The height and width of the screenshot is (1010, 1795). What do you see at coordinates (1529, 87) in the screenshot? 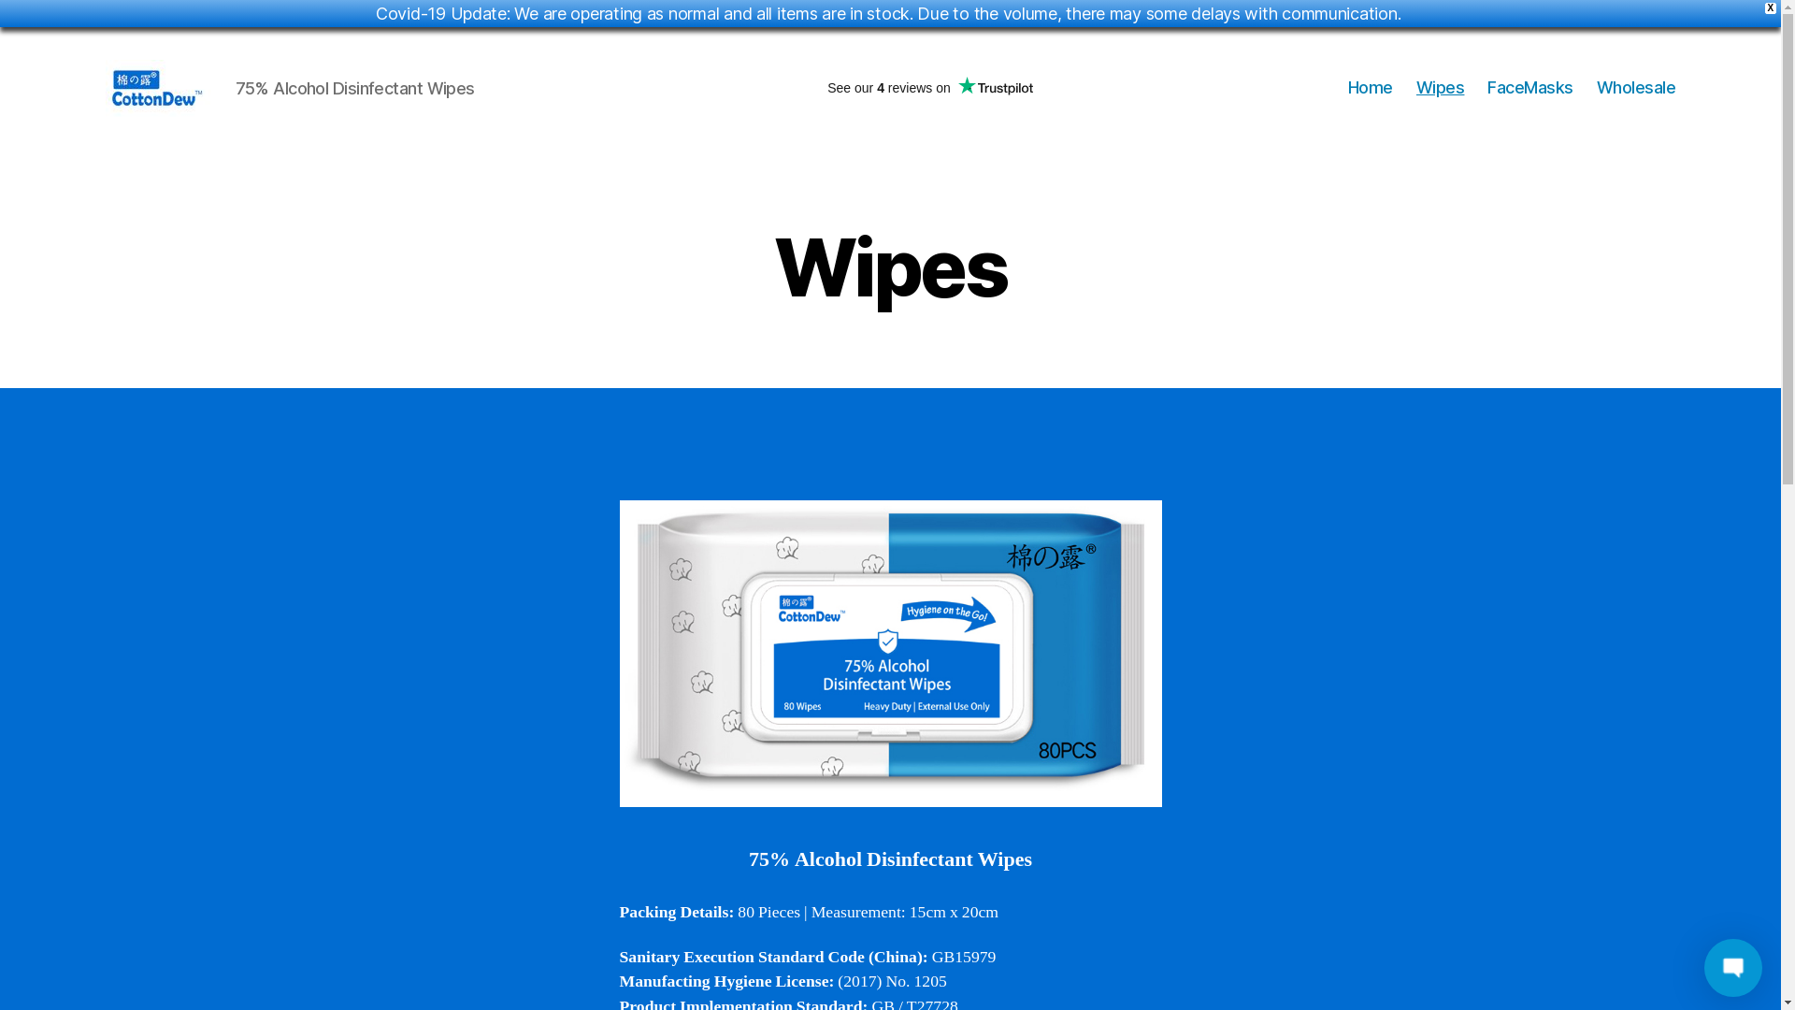
I see `'FaceMasks'` at bounding box center [1529, 87].